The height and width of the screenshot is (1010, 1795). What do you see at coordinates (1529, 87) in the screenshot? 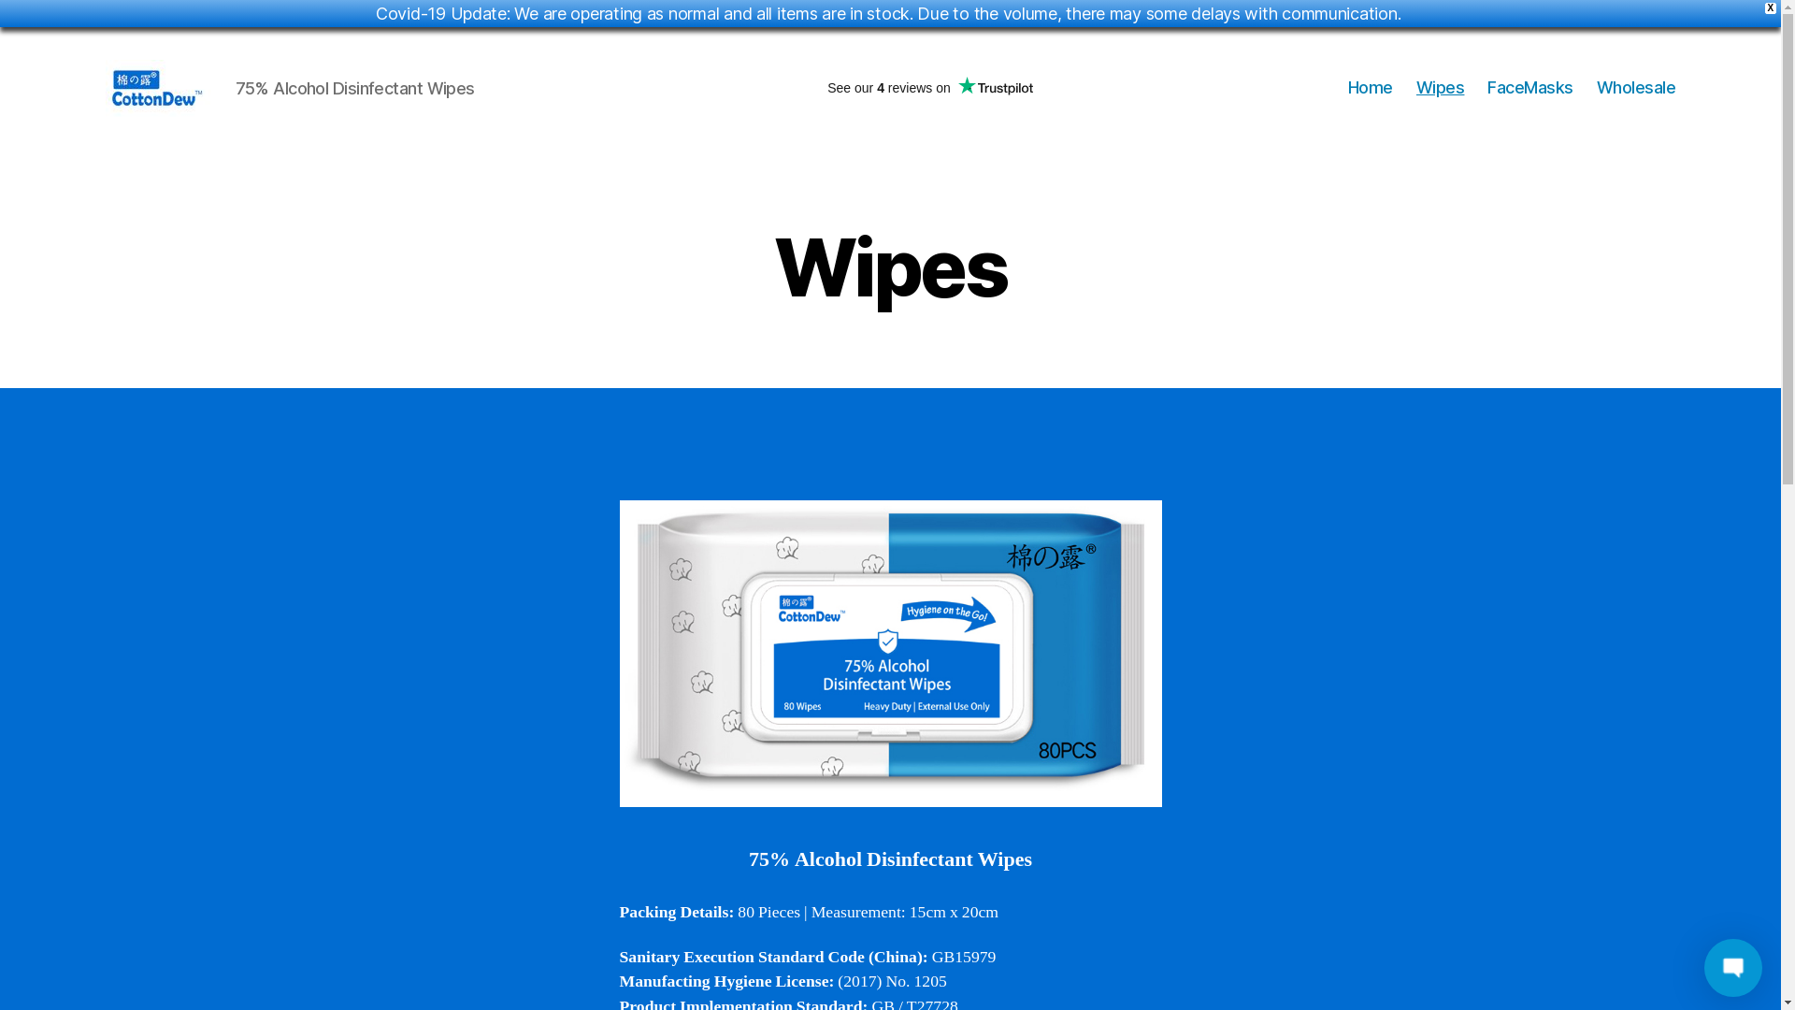
I see `'FaceMasks'` at bounding box center [1529, 87].